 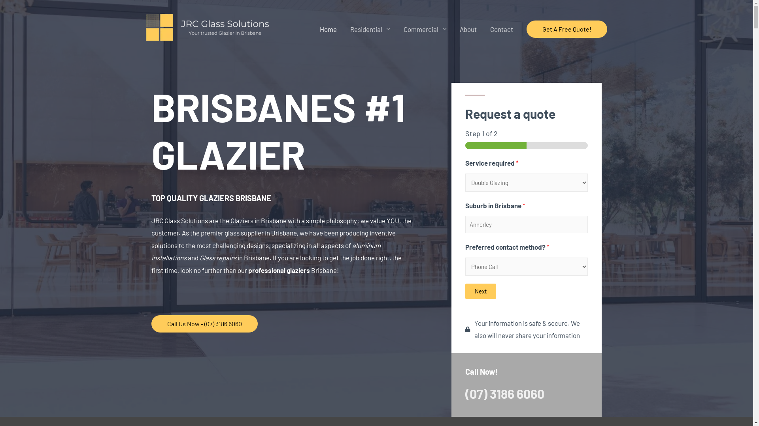 I want to click on 'Get A Free Quote!', so click(x=526, y=28).